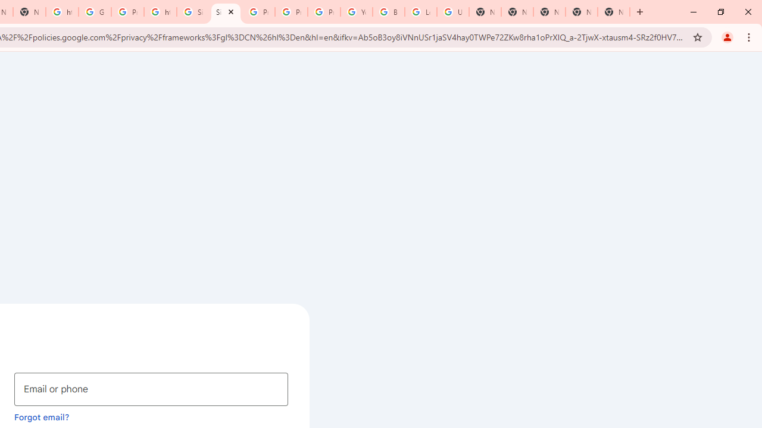 This screenshot has height=428, width=762. Describe the element at coordinates (226, 12) in the screenshot. I see `'Sign in - Google Accounts'` at that location.